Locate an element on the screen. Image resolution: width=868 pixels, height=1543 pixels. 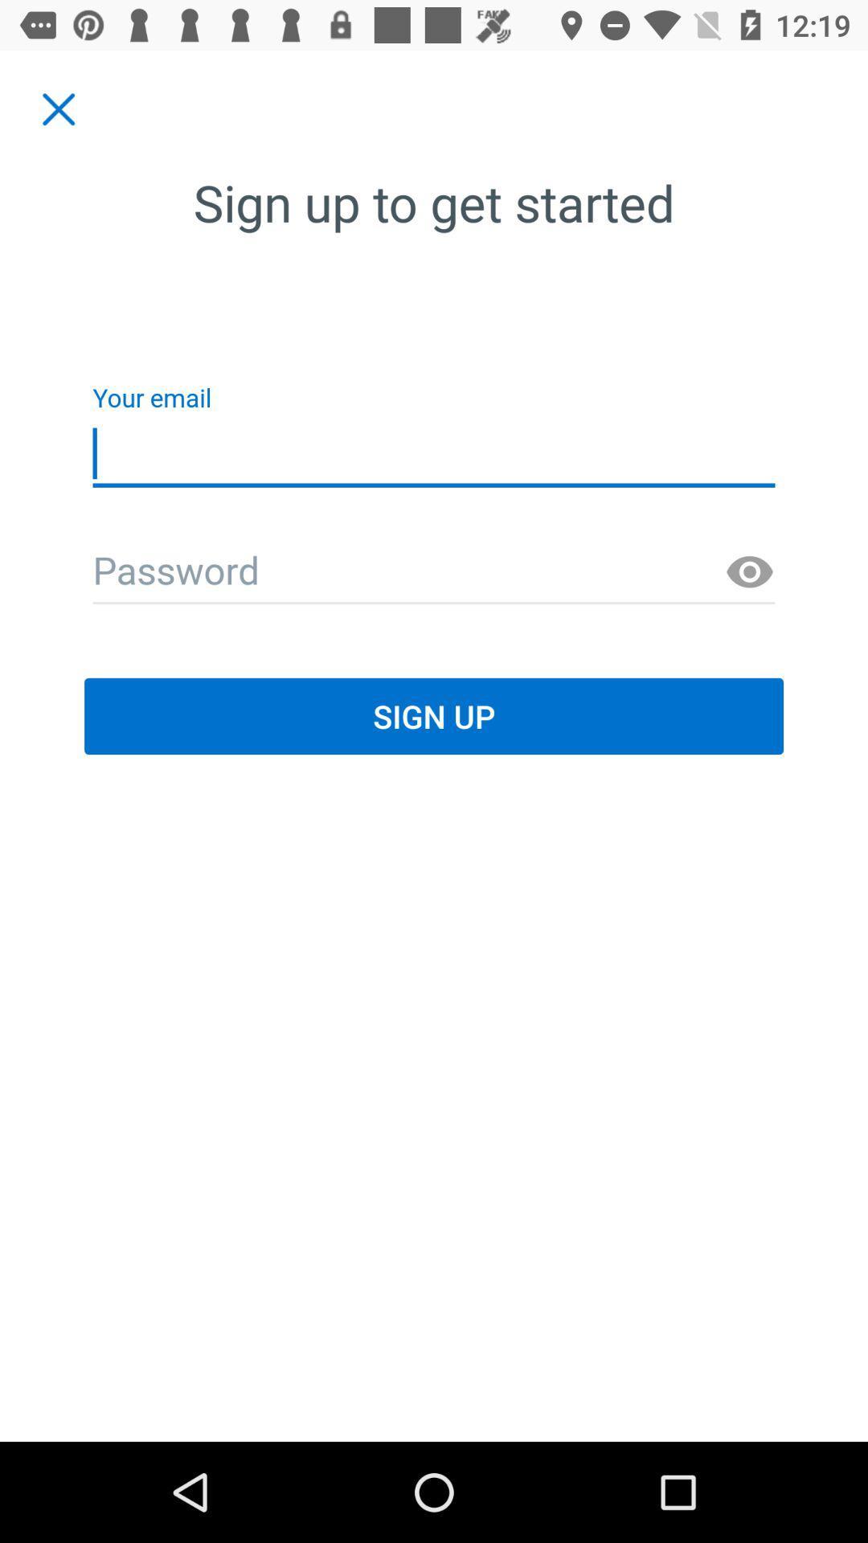
the visibility icon is located at coordinates (750, 572).